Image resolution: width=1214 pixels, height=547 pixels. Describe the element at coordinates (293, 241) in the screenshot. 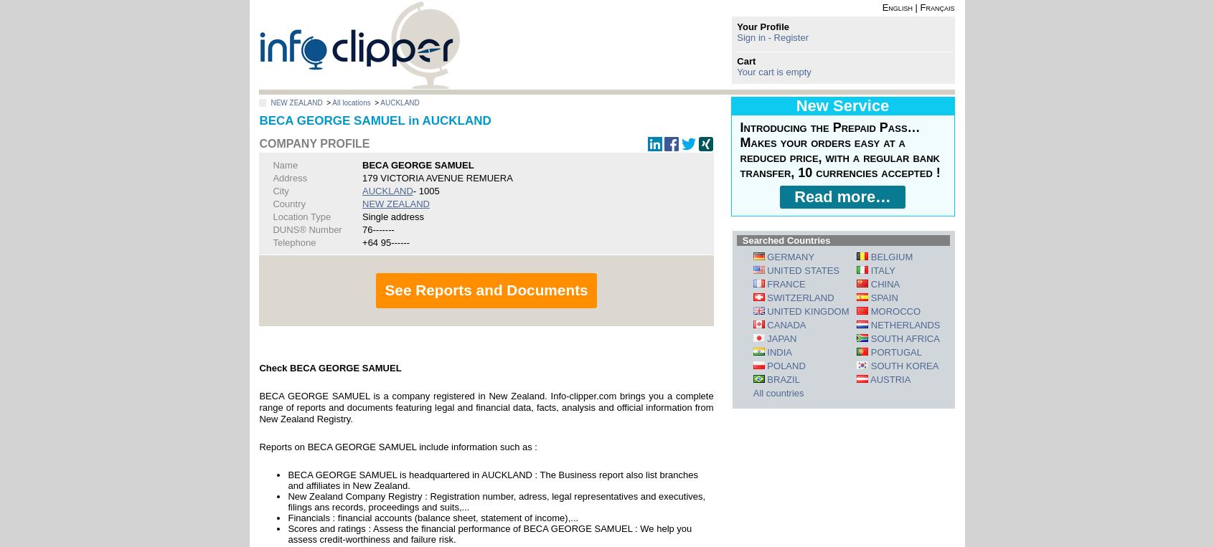

I see `'Telephone'` at that location.